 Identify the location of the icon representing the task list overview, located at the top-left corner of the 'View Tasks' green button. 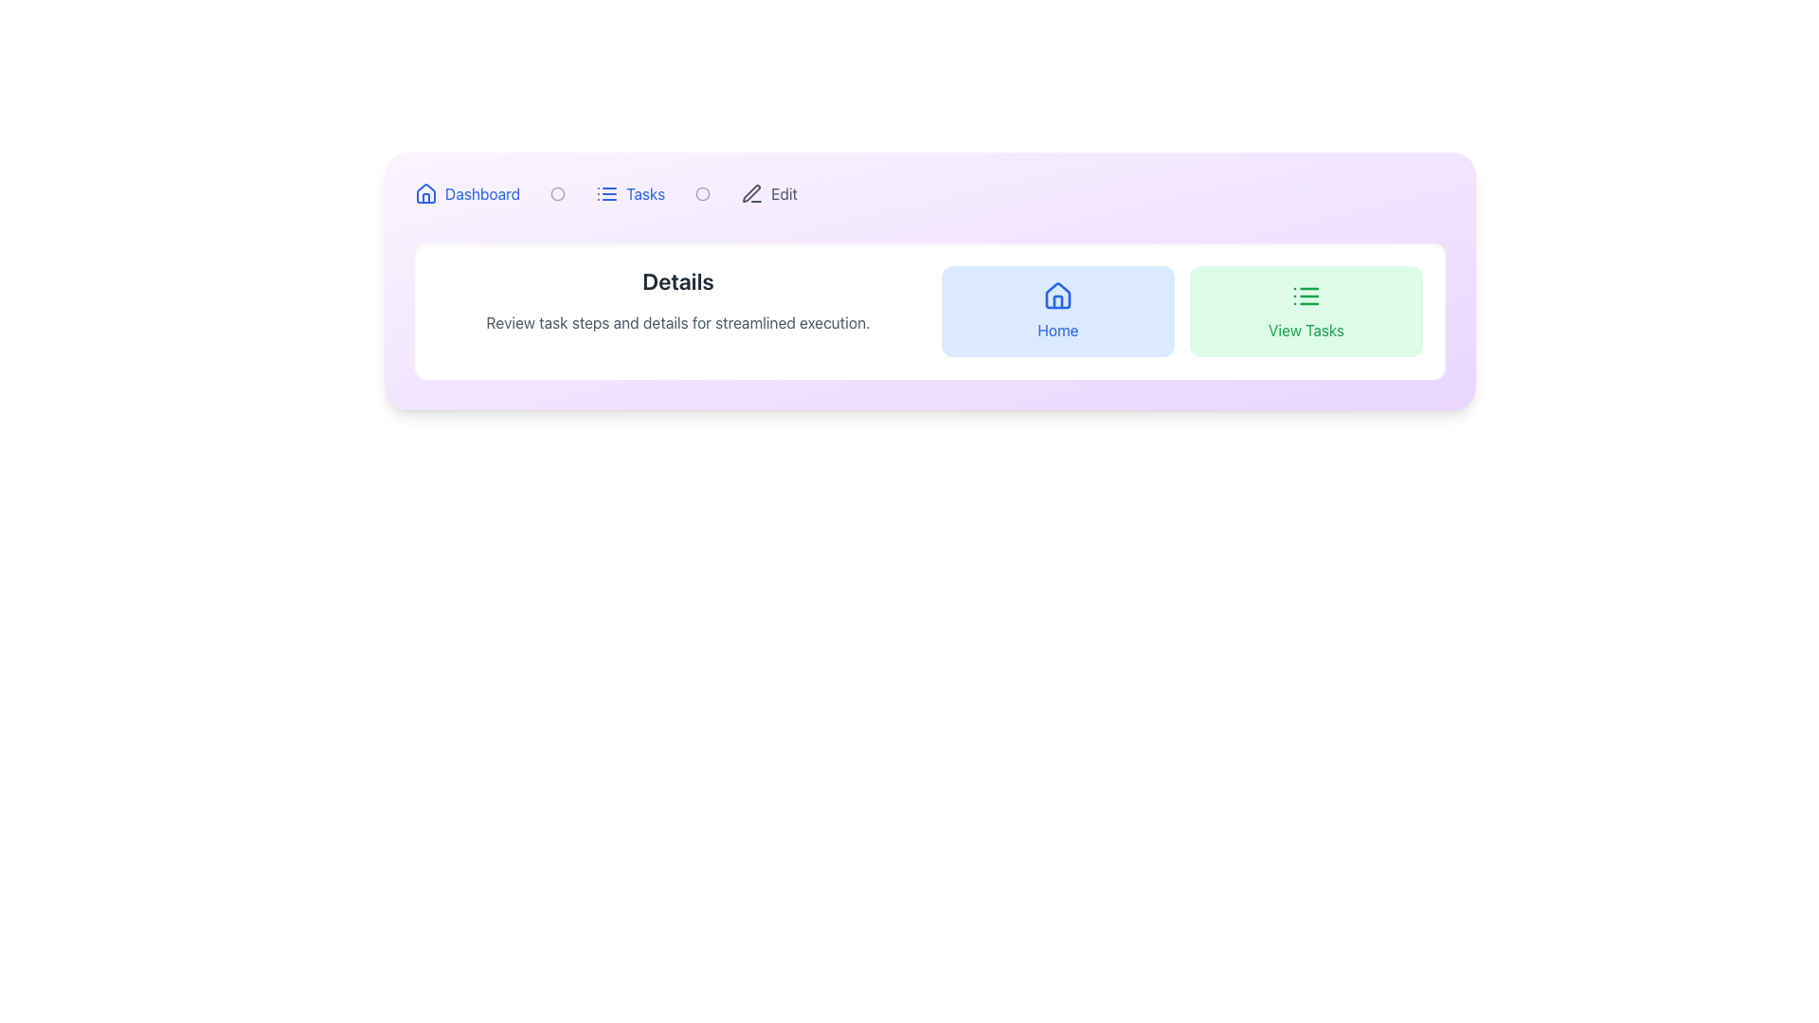
(1305, 296).